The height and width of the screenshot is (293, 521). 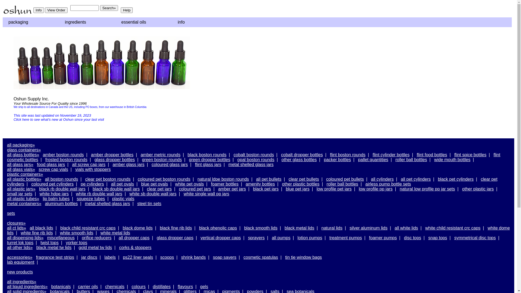 What do you see at coordinates (412, 237) in the screenshot?
I see `'disc tops'` at bounding box center [412, 237].